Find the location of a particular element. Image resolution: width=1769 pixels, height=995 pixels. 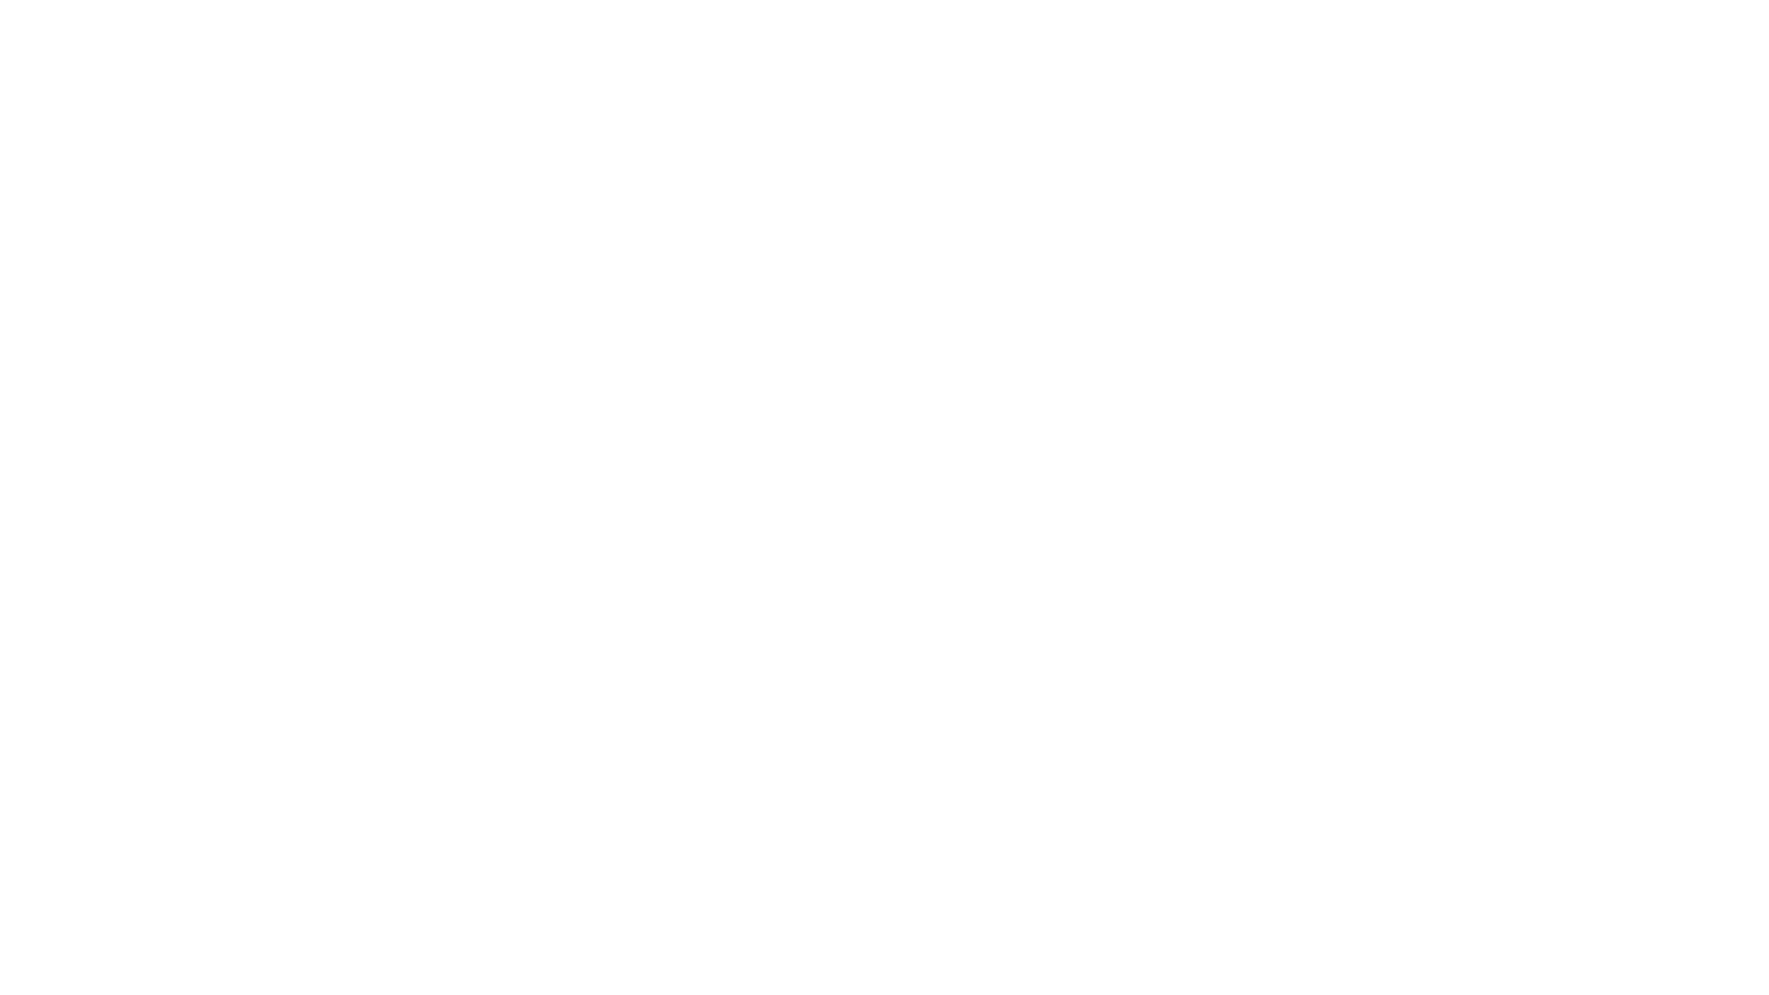

Conflict of Interest: No is located at coordinates (274, 311).